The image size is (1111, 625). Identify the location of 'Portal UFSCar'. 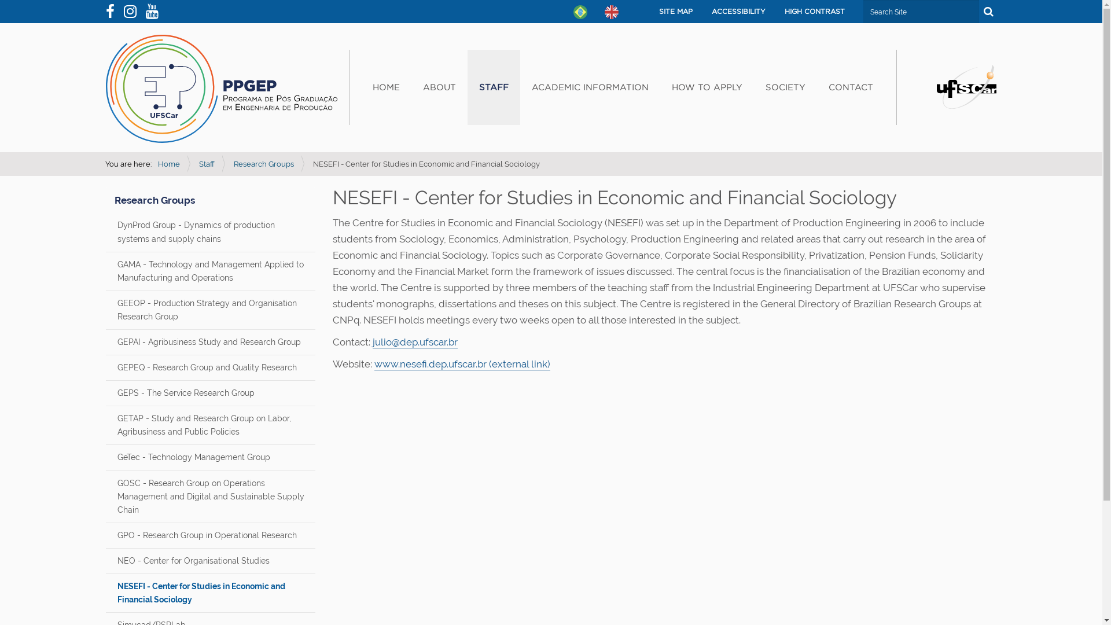
(966, 84).